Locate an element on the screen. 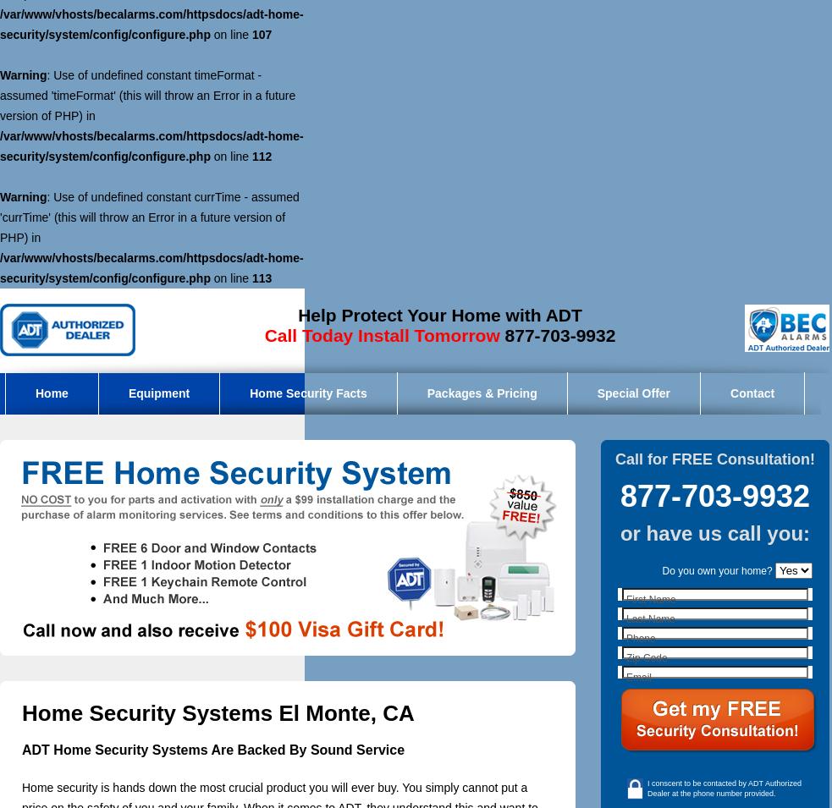 This screenshot has width=832, height=808. 'I conscent to be contacted by ADT Authorized Dealer at the phone number provided.' is located at coordinates (724, 788).